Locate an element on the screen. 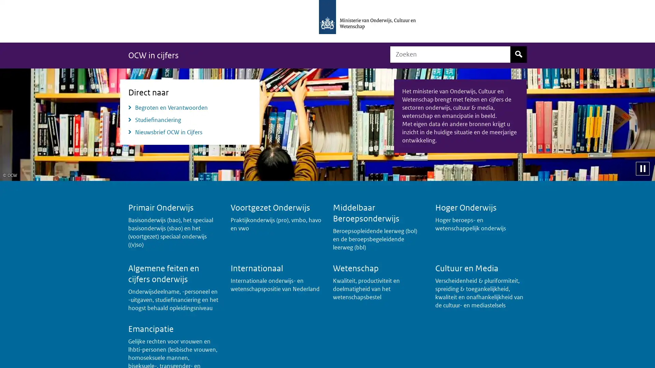 The image size is (655, 368). Start zoeken is located at coordinates (519, 54).